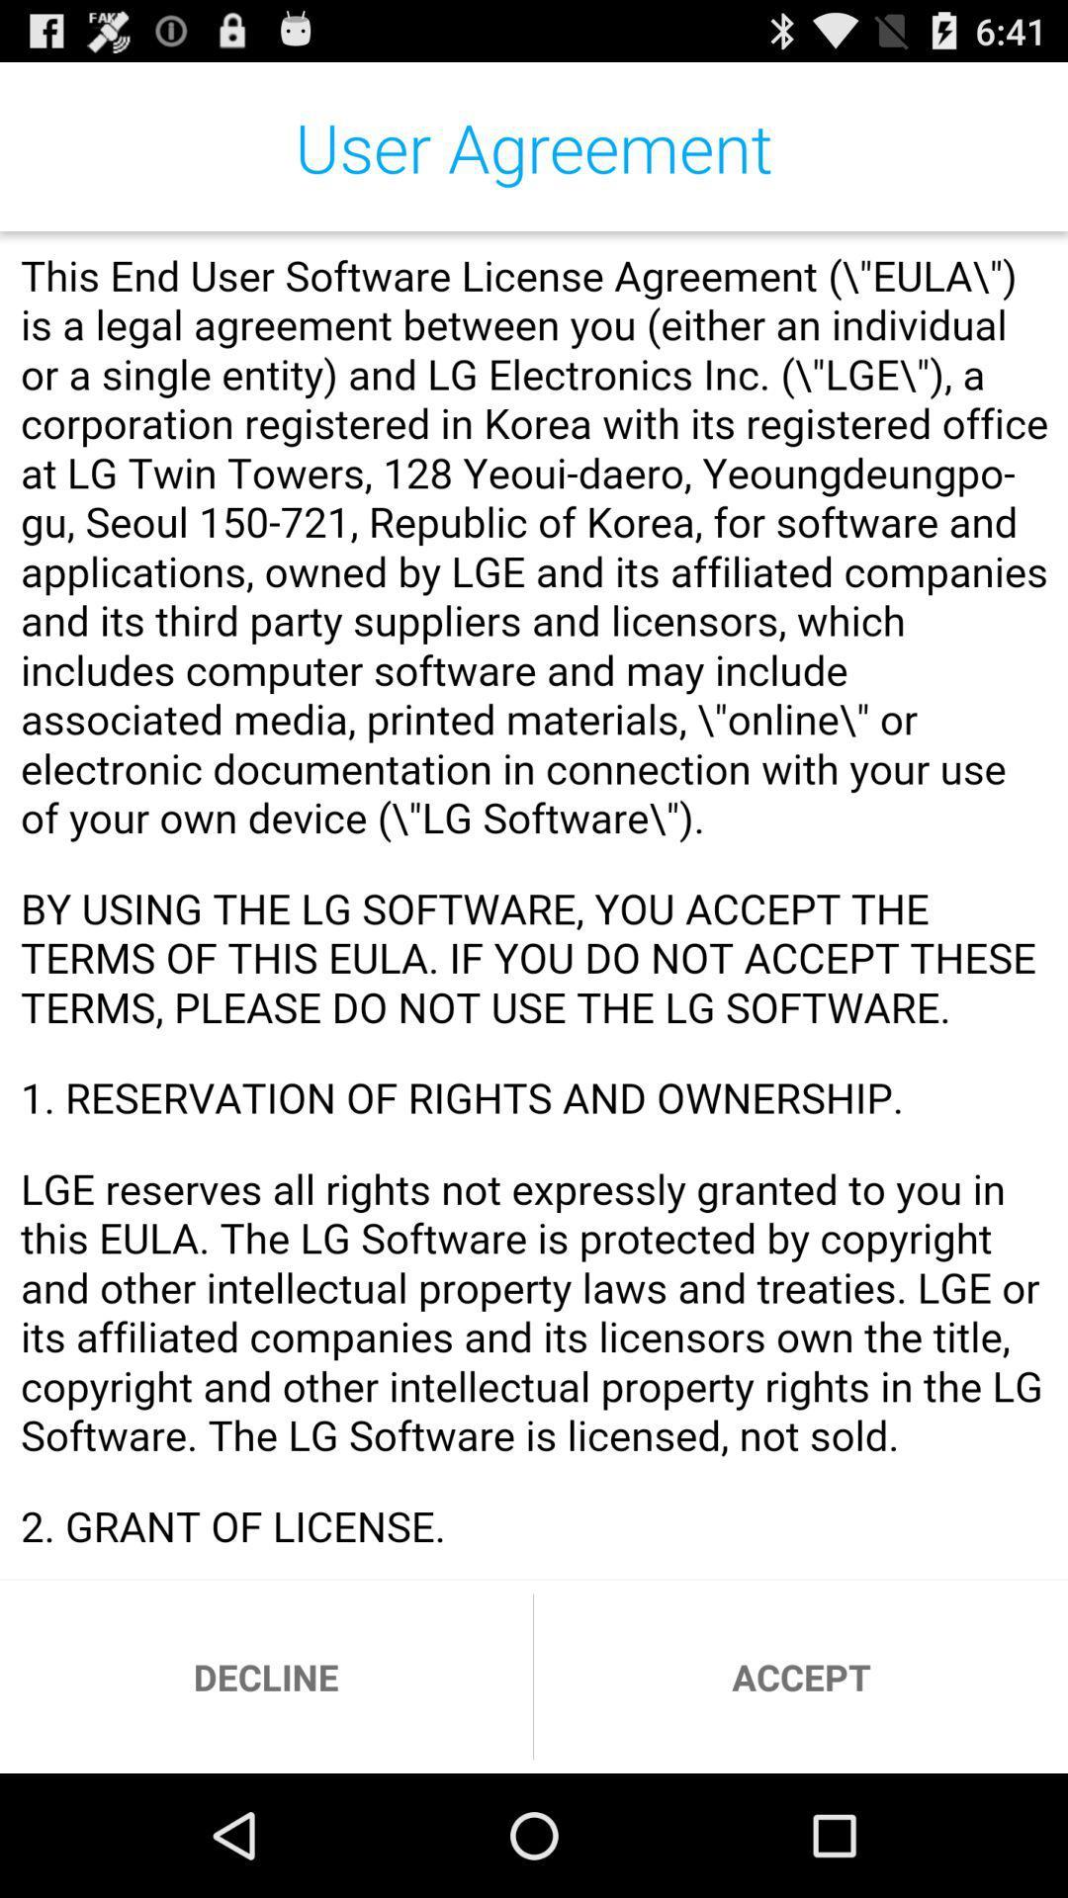  I want to click on read our terms, so click(534, 905).